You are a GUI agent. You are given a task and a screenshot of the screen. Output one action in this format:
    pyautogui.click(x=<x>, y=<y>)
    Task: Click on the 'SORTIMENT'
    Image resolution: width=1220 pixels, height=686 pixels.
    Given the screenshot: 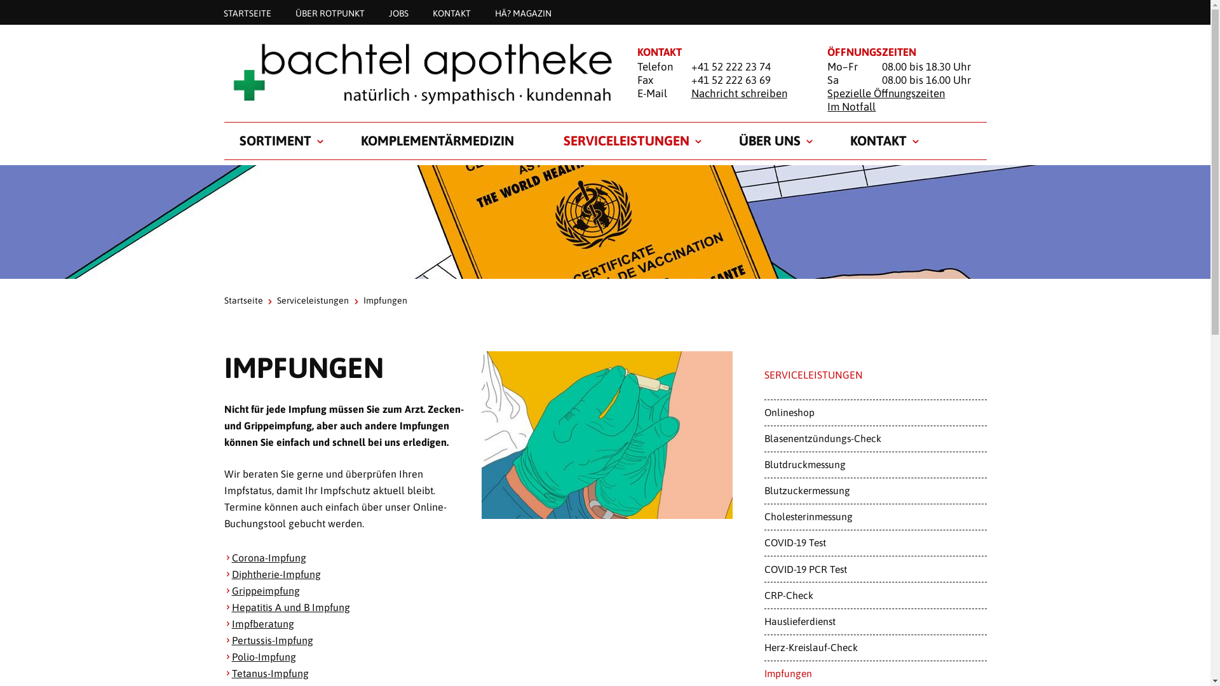 What is the action you would take?
    pyautogui.click(x=274, y=141)
    